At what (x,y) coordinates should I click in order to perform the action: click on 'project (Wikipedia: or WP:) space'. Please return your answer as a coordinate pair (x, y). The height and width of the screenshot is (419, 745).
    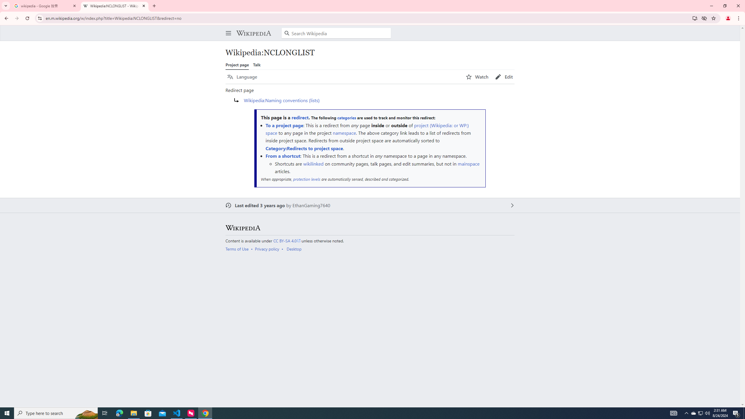
    Looking at the image, I should click on (366, 128).